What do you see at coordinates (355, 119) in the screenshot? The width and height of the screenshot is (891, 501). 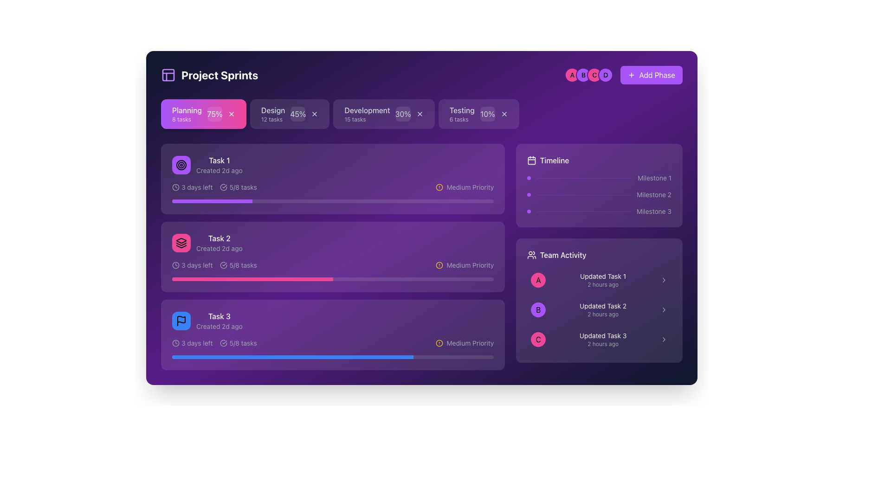 I see `the text label that provides additional context about the number of tasks related to 'Development' within the project sprint interface, located below the 'Development' tab` at bounding box center [355, 119].